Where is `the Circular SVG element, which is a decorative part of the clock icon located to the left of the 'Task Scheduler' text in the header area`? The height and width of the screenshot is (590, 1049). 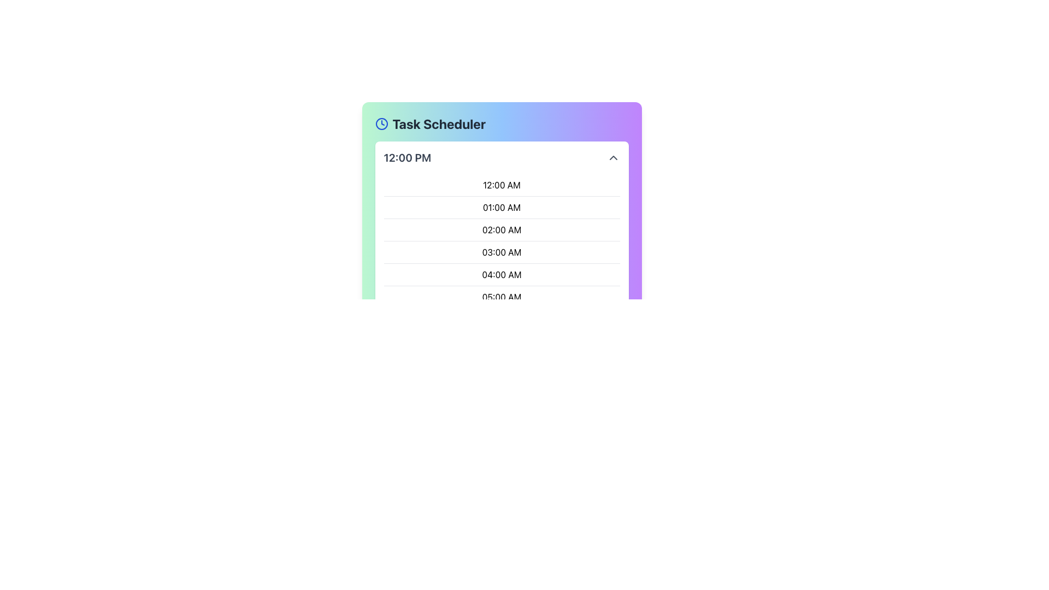 the Circular SVG element, which is a decorative part of the clock icon located to the left of the 'Task Scheduler' text in the header area is located at coordinates (381, 123).